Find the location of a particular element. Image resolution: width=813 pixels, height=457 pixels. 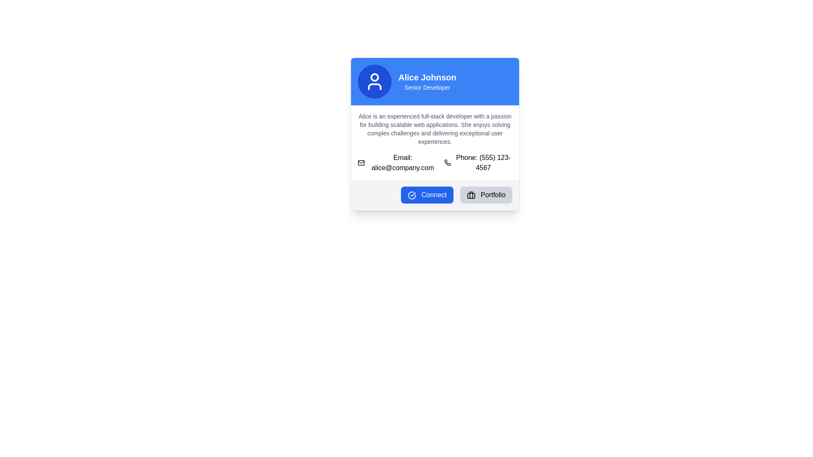

the 'Email:' label followed by the email address 'alice@company.com' is located at coordinates (397, 163).